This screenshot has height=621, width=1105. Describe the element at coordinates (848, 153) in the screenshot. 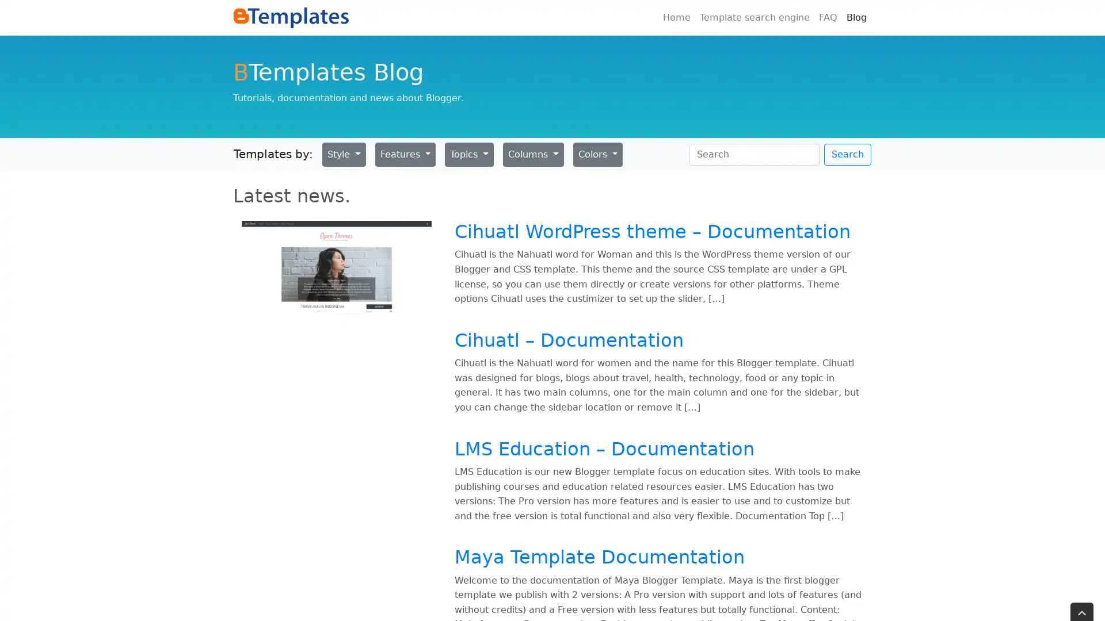

I see `Search` at that location.